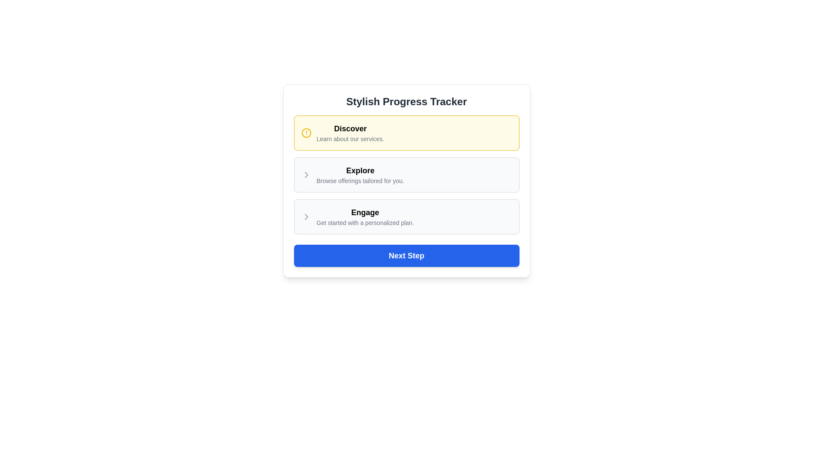  I want to click on any of the sections (Discover, Explore, Engage) in the vertical stack of bordered containers to interact with them, so click(406, 174).